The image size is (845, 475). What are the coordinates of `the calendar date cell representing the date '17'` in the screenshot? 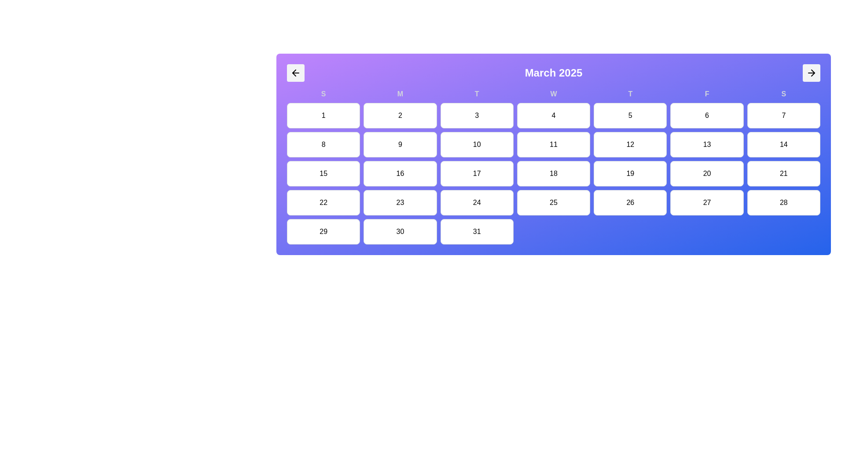 It's located at (476, 173).